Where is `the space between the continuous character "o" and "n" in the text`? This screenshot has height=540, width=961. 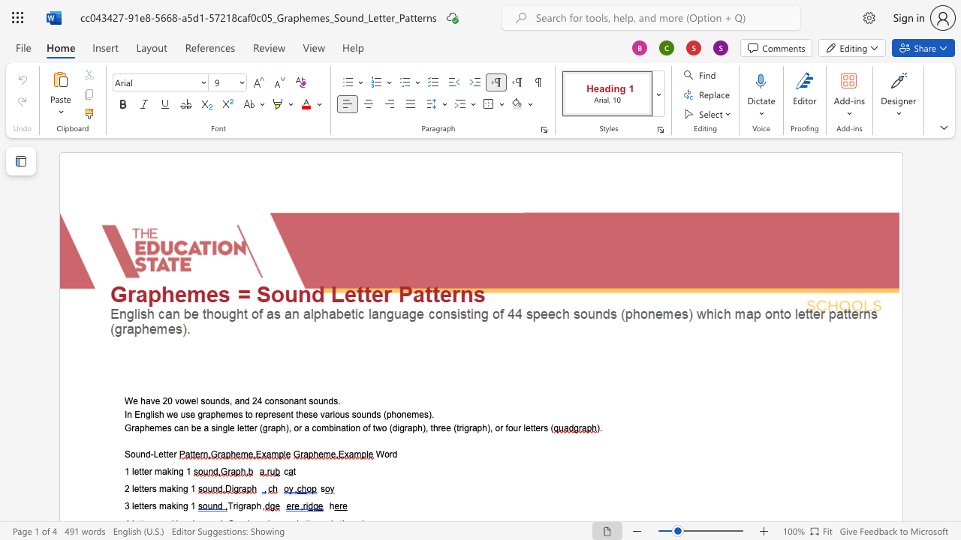 the space between the continuous character "o" and "n" in the text is located at coordinates (354, 427).